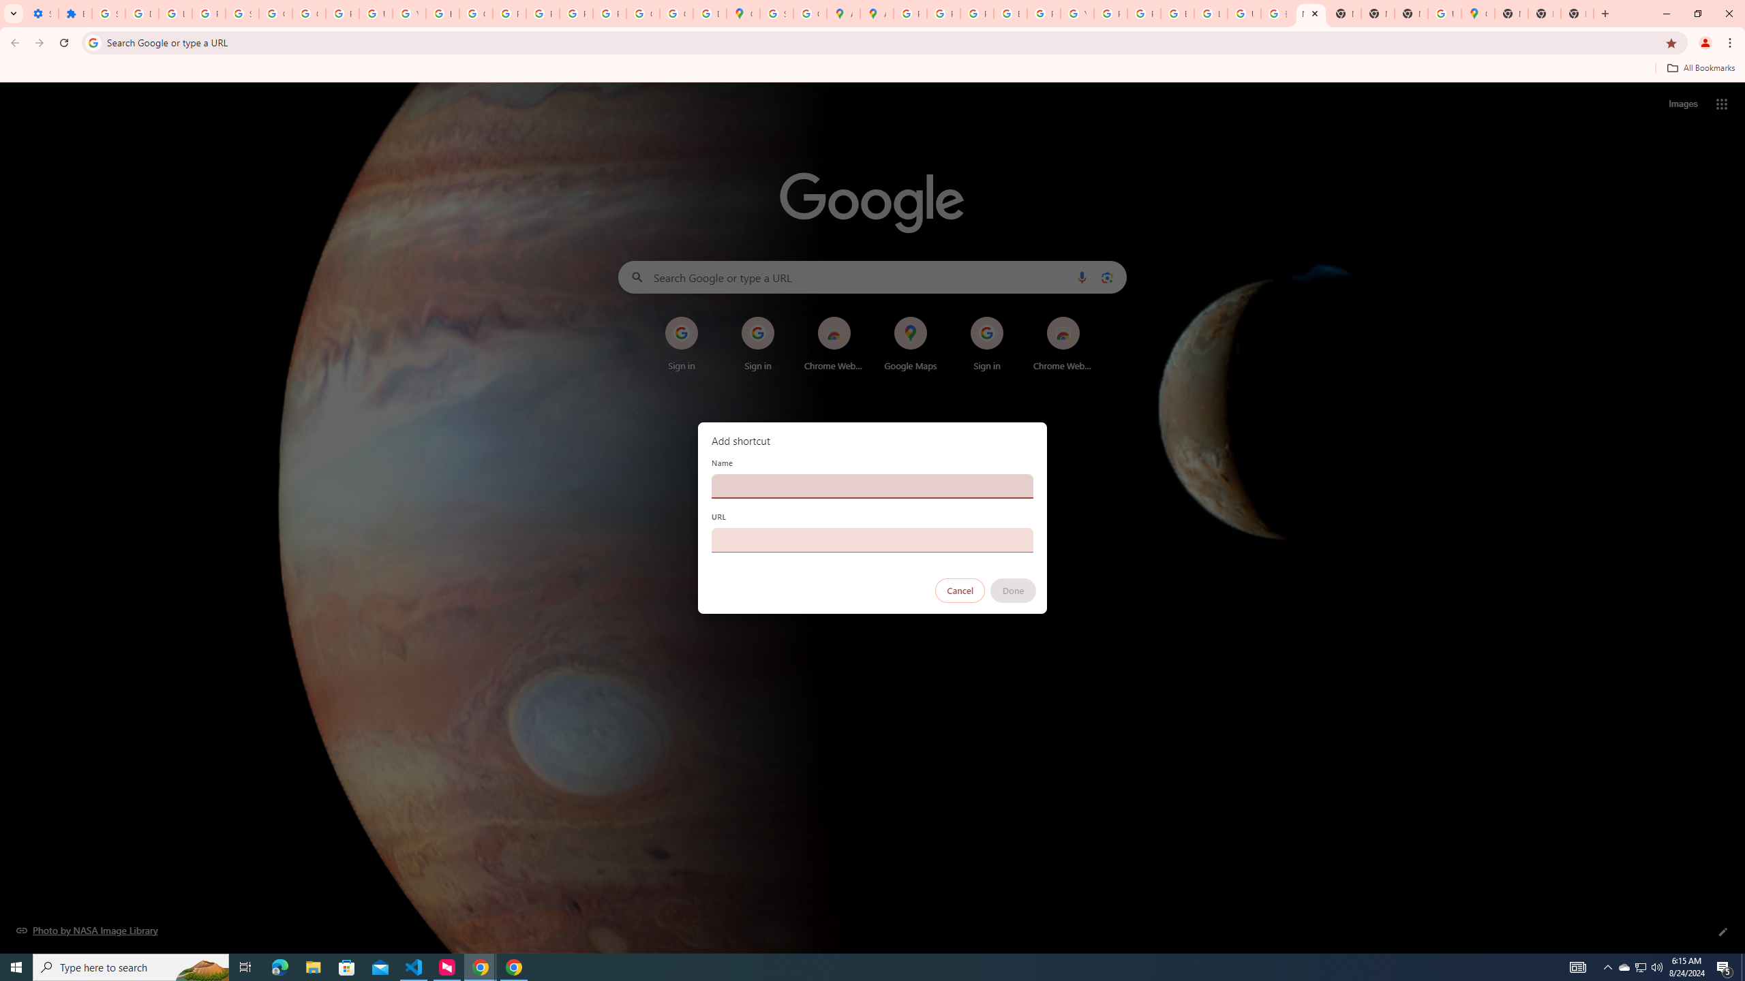  What do you see at coordinates (872, 485) in the screenshot?
I see `'Name'` at bounding box center [872, 485].